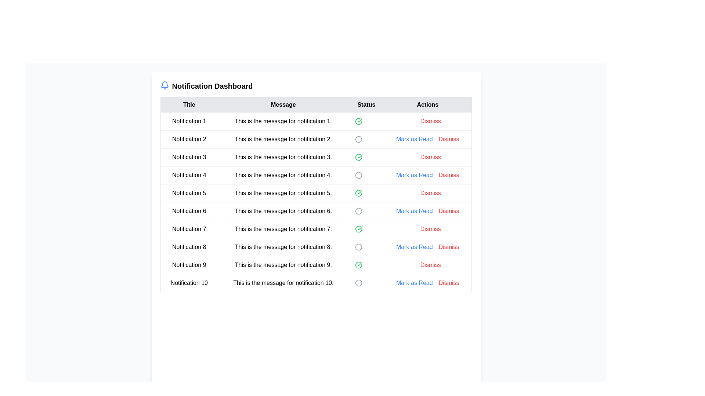 The height and width of the screenshot is (396, 705). I want to click on the text button located in the 'Actions' column of the tenth row in the notification table, so click(448, 282).